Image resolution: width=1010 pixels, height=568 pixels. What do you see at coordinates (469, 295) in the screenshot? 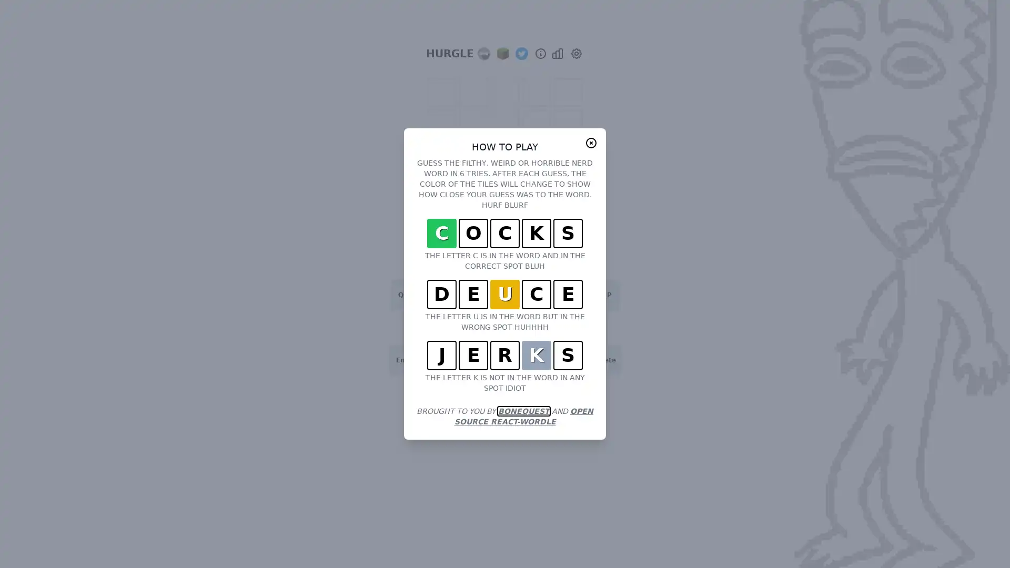
I see `R` at bounding box center [469, 295].